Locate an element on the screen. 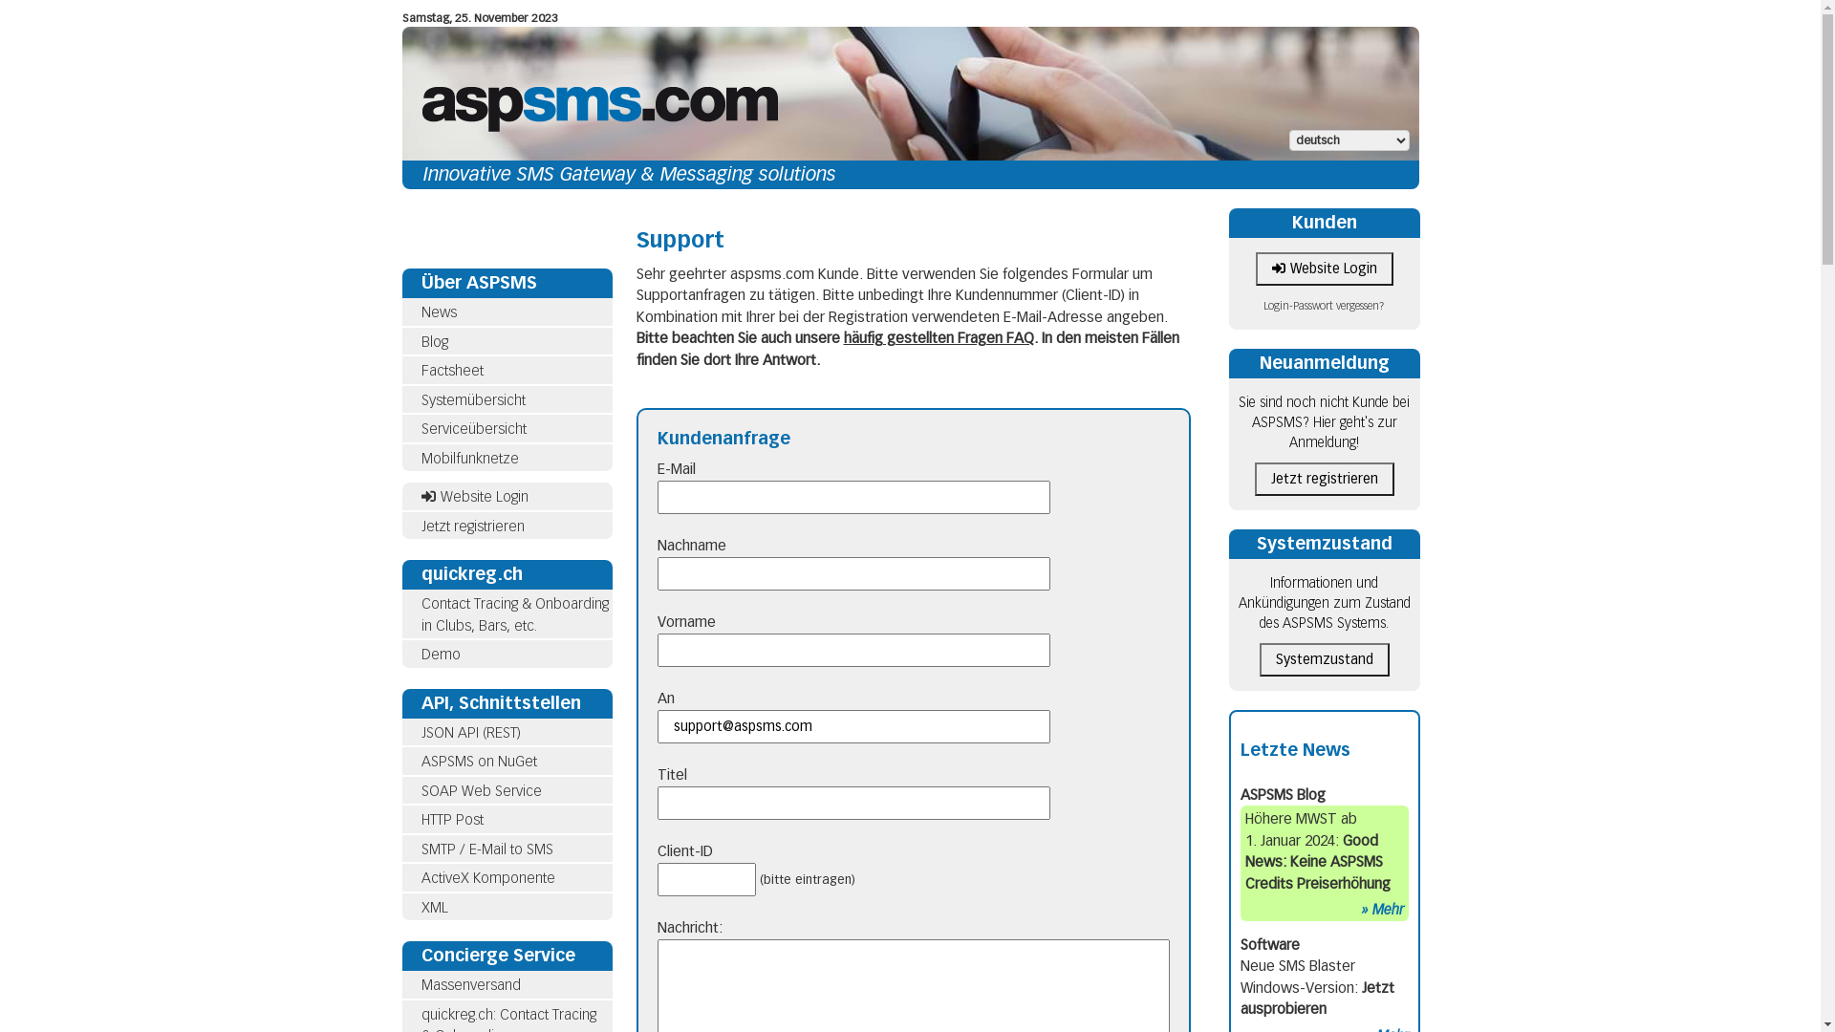 Image resolution: width=1835 pixels, height=1032 pixels. 'Blog' is located at coordinates (433, 340).